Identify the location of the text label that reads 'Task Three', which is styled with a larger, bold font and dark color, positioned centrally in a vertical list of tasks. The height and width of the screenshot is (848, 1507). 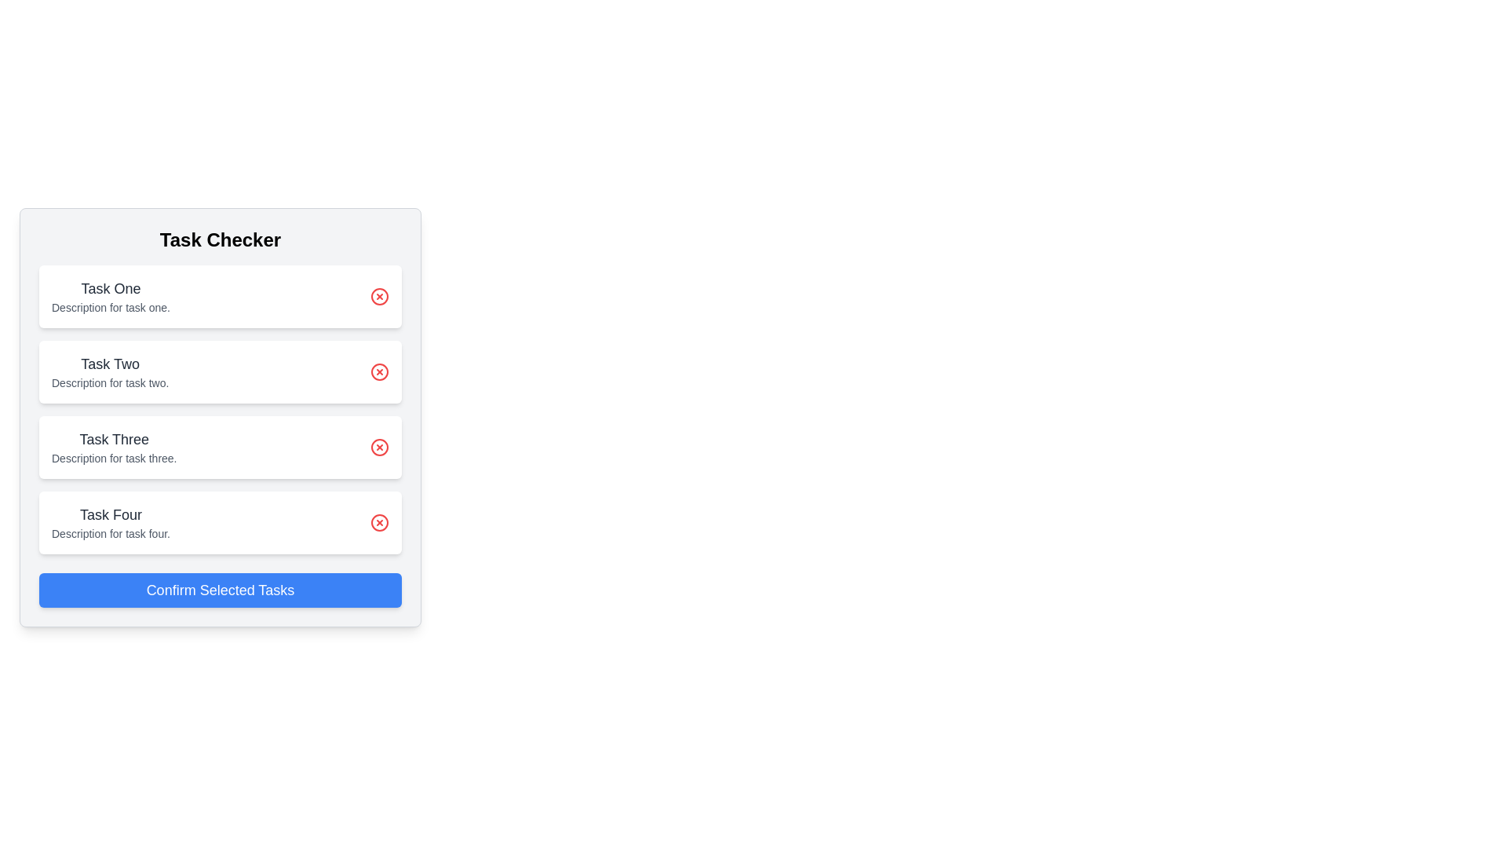
(113, 439).